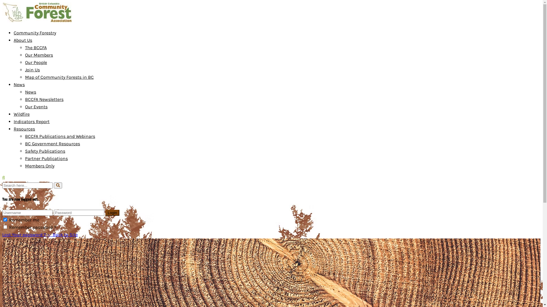  Describe the element at coordinates (2, 235) in the screenshot. I see `'Lost Your password ?'` at that location.